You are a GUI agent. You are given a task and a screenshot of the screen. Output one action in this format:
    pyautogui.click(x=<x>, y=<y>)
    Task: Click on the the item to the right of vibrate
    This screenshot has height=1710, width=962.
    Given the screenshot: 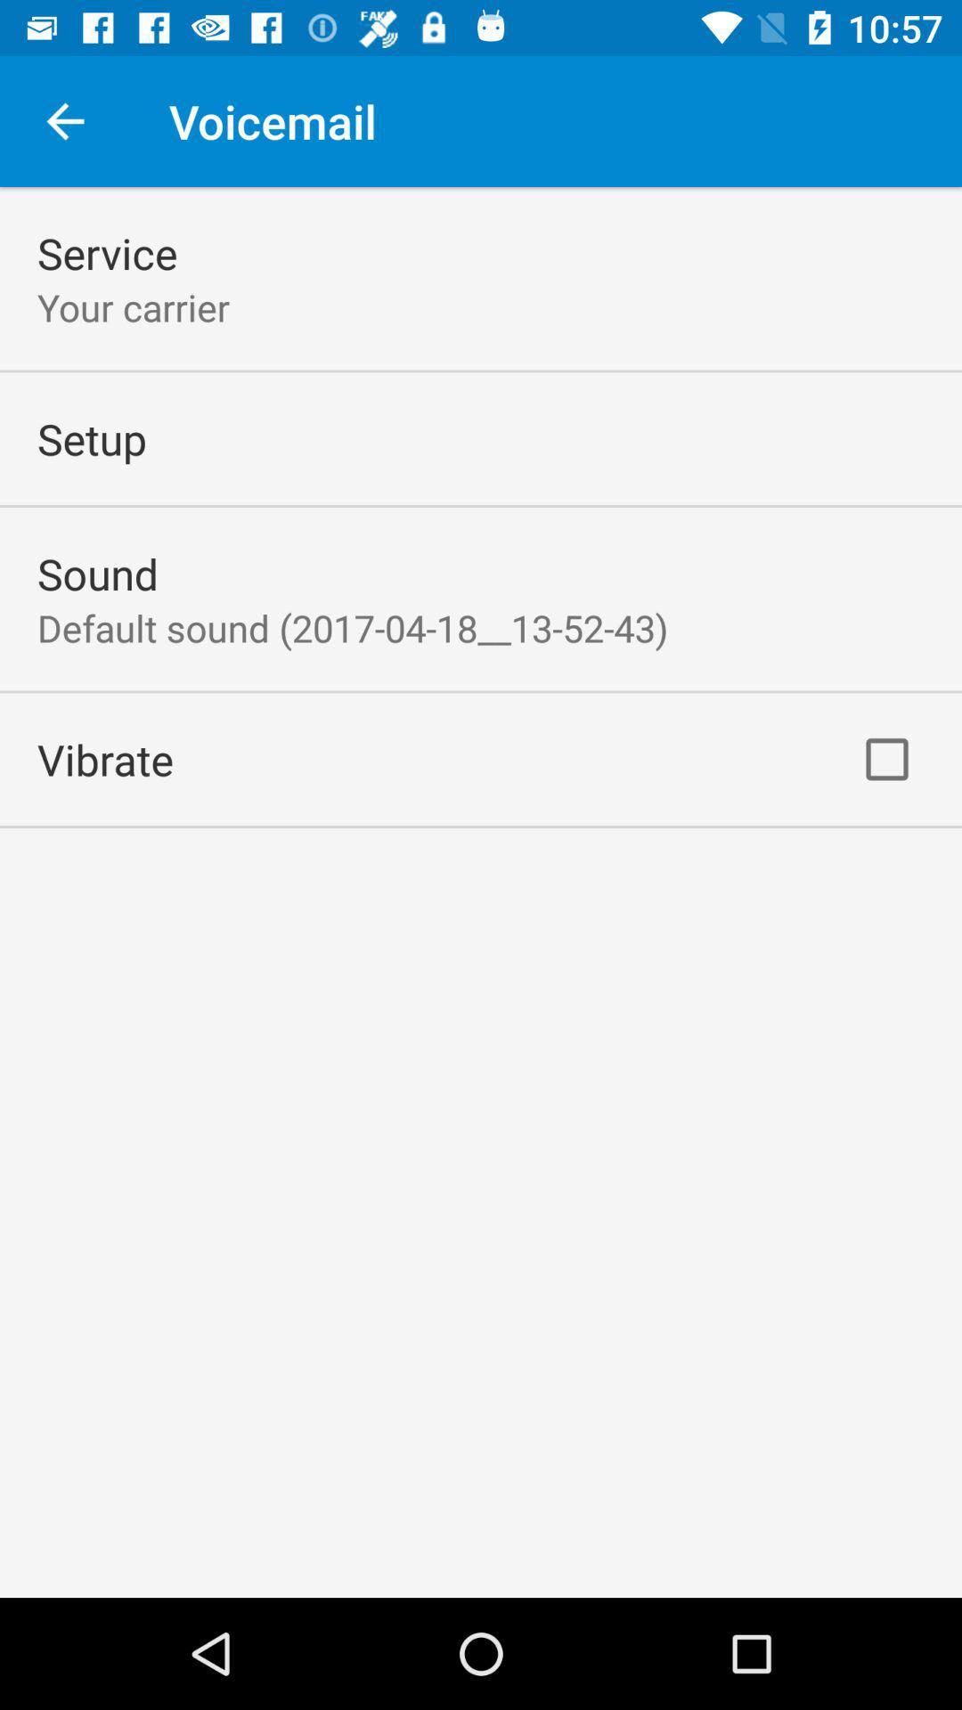 What is the action you would take?
    pyautogui.click(x=886, y=759)
    